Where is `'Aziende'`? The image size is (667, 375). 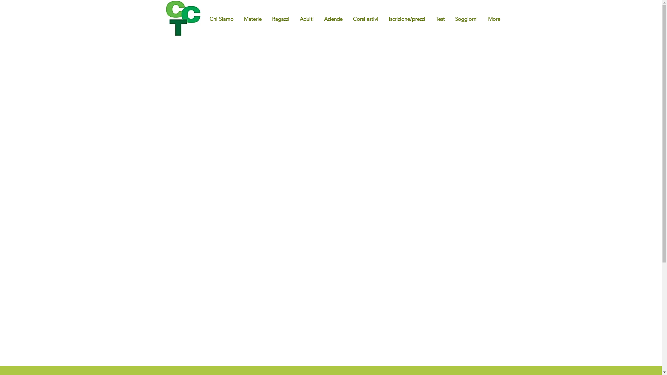
'Aziende' is located at coordinates (305, 16).